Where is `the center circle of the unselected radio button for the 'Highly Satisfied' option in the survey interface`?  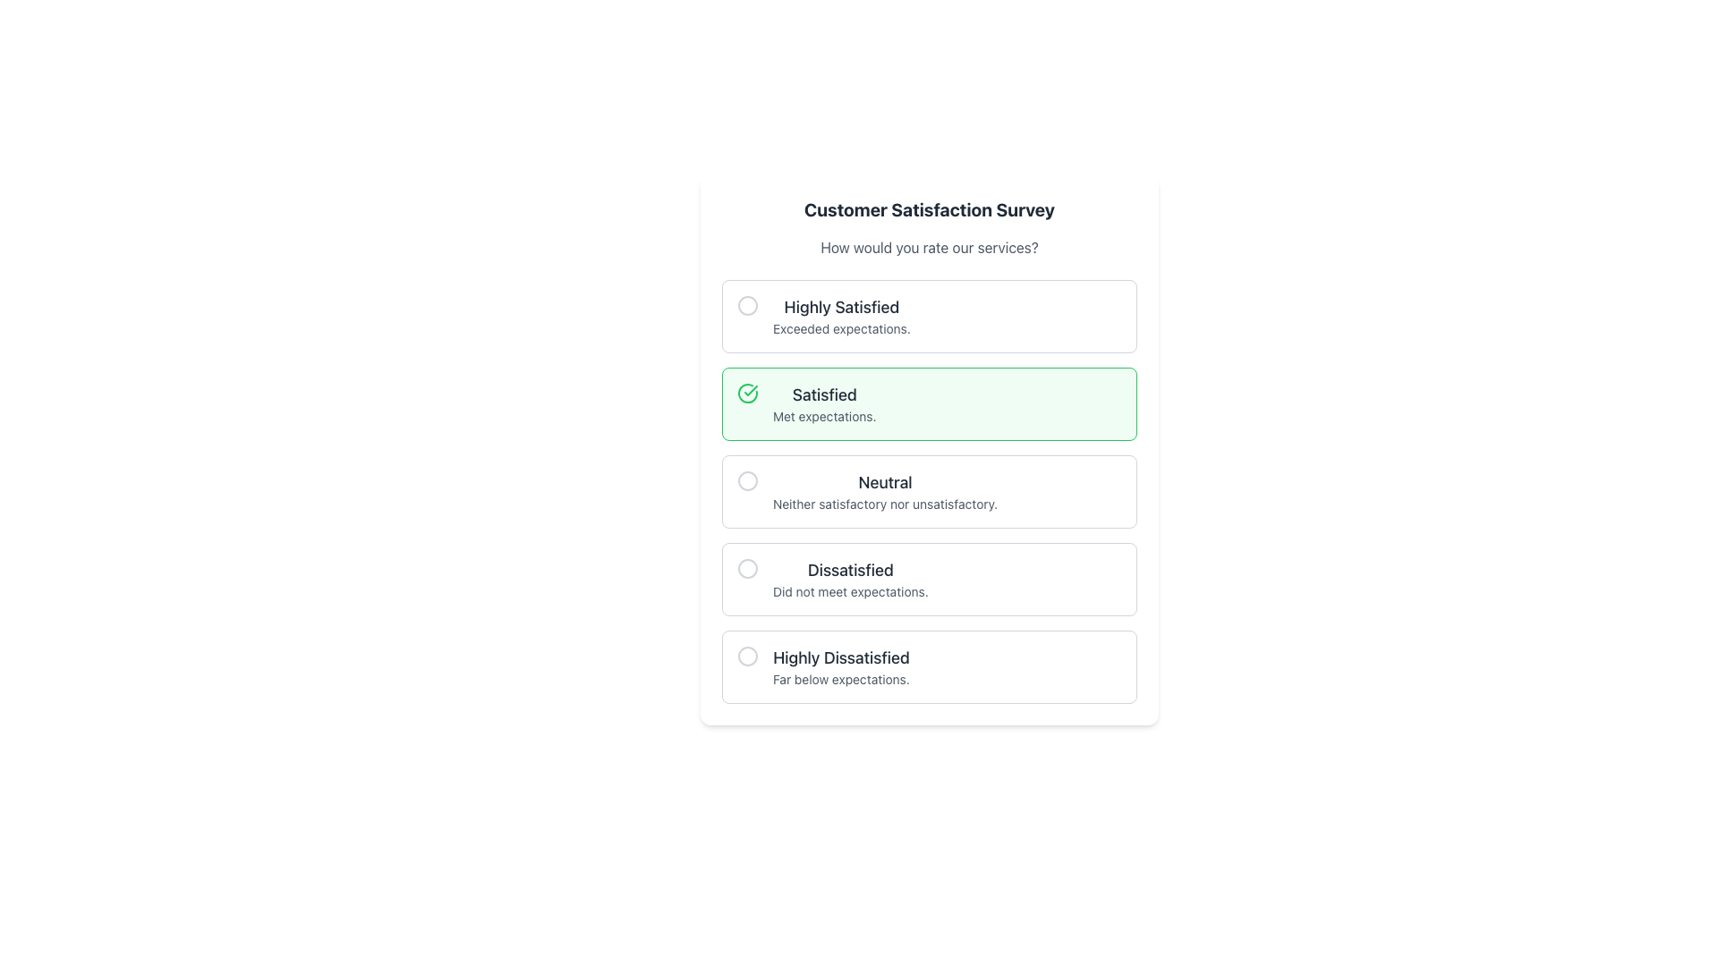
the center circle of the unselected radio button for the 'Highly Satisfied' option in the survey interface is located at coordinates (747, 305).